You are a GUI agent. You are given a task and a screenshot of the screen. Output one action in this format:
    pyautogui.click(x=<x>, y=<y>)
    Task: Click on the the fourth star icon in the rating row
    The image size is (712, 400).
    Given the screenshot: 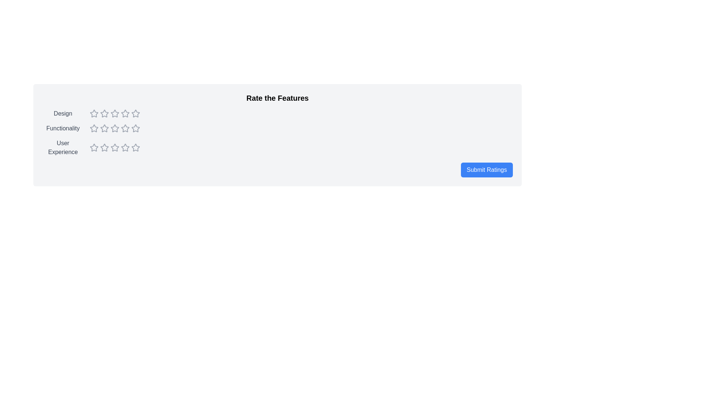 What is the action you would take?
    pyautogui.click(x=115, y=114)
    